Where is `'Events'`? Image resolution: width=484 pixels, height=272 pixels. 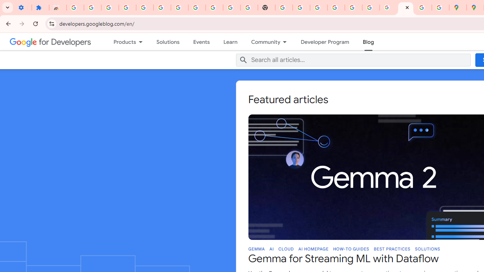 'Events' is located at coordinates (201, 42).